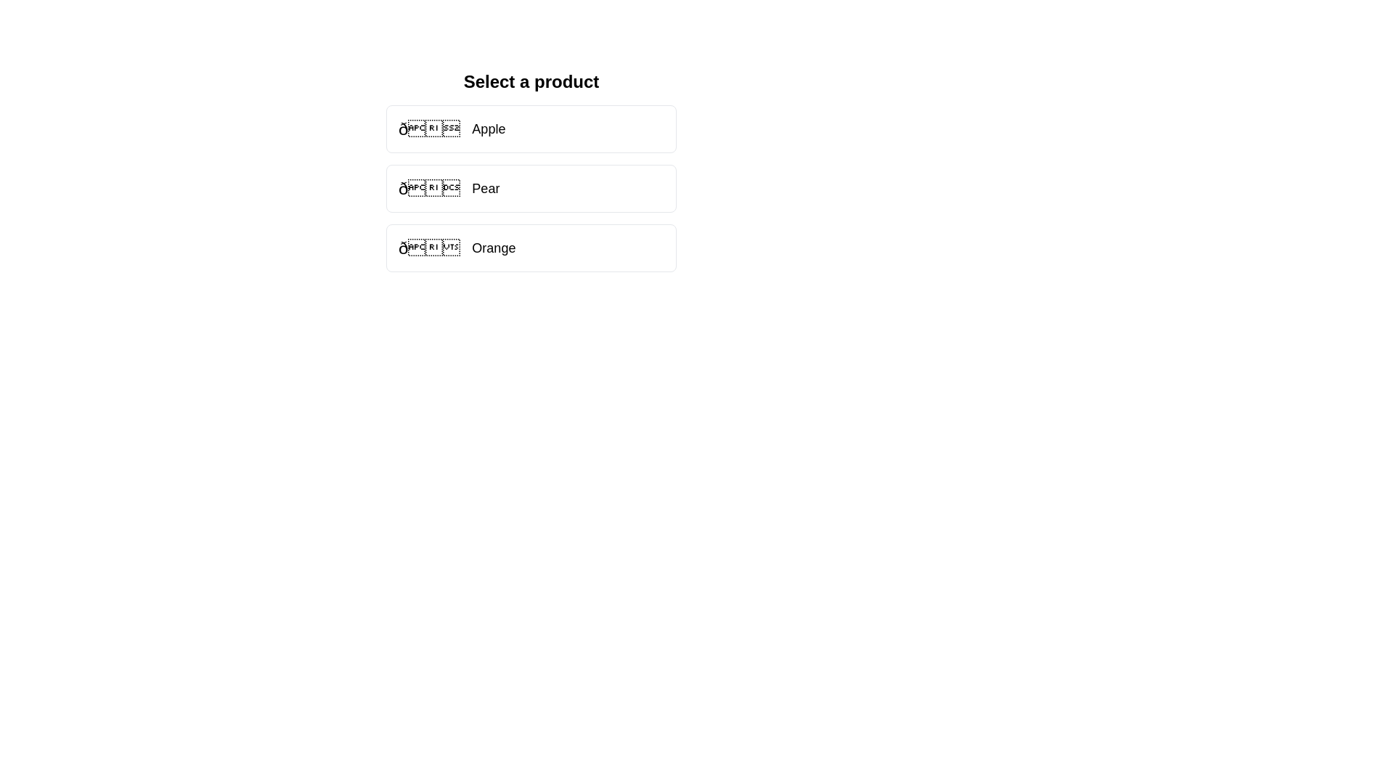  What do you see at coordinates (494, 248) in the screenshot?
I see `the text label 'Orange' which is styled in a large medium-weight font, located in the third row of the product selection list, next to the orange emoji` at bounding box center [494, 248].